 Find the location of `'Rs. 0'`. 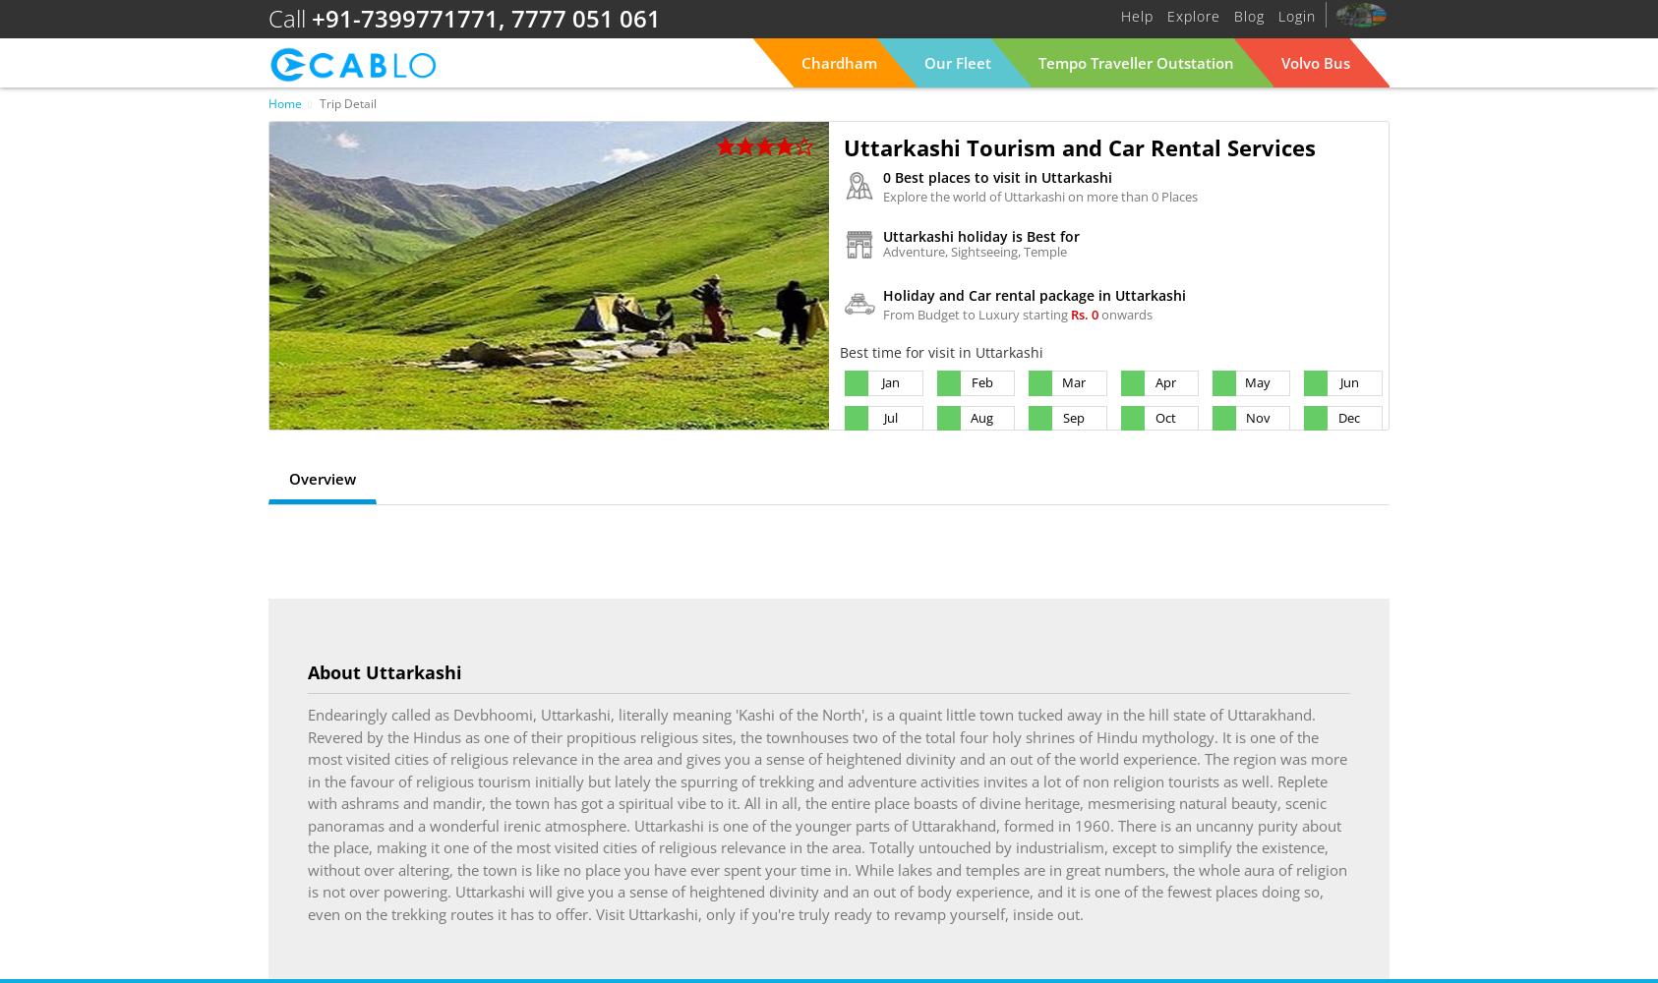

'Rs. 0' is located at coordinates (1086, 314).